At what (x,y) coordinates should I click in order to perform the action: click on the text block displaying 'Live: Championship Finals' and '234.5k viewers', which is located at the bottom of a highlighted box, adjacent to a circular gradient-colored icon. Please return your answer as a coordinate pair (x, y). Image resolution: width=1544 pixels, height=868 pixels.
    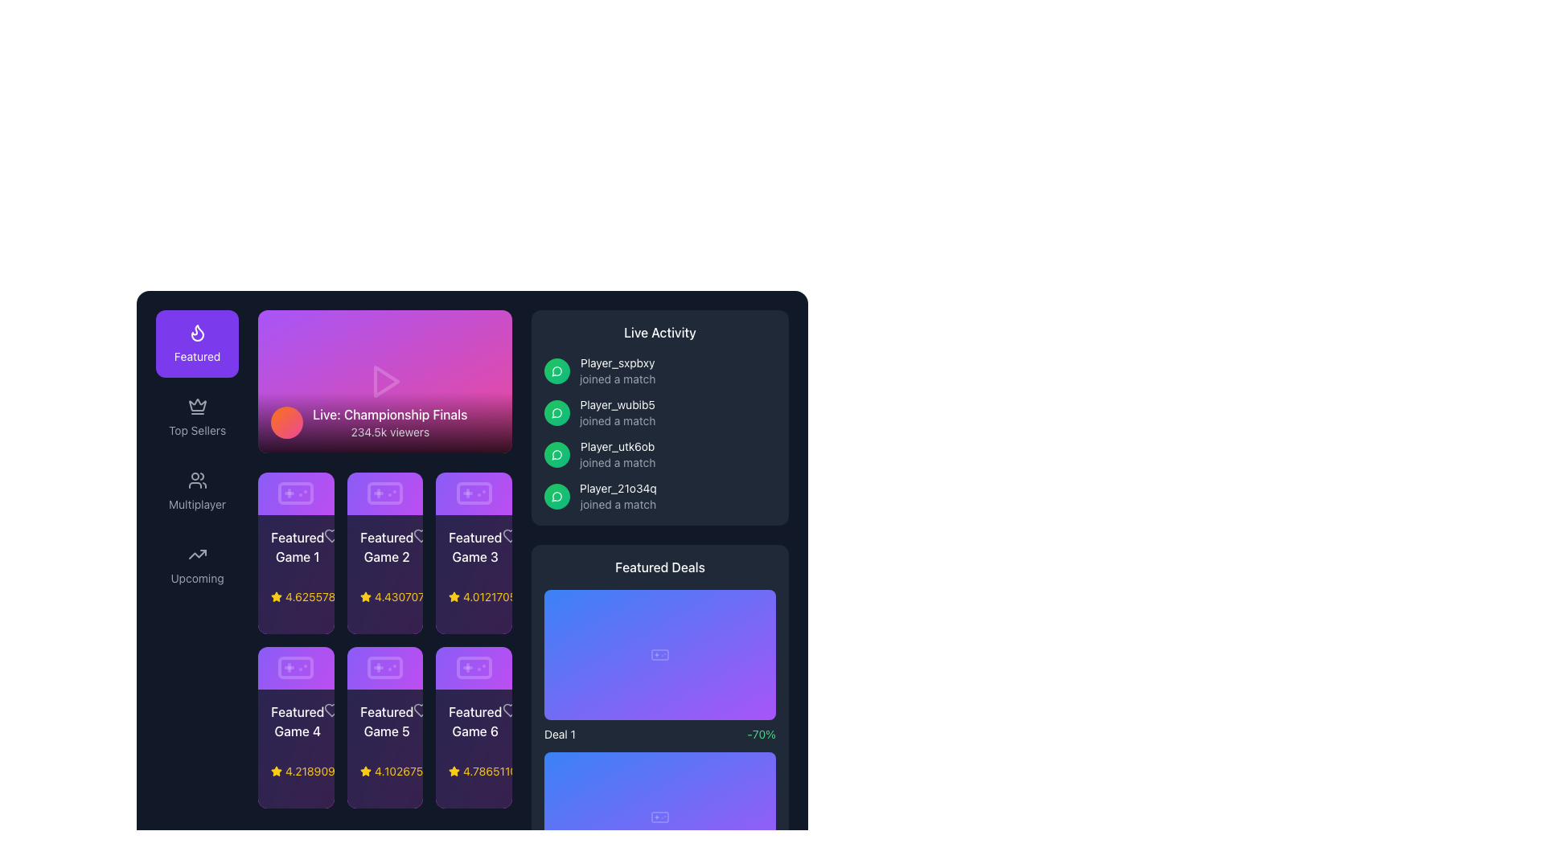
    Looking at the image, I should click on (384, 421).